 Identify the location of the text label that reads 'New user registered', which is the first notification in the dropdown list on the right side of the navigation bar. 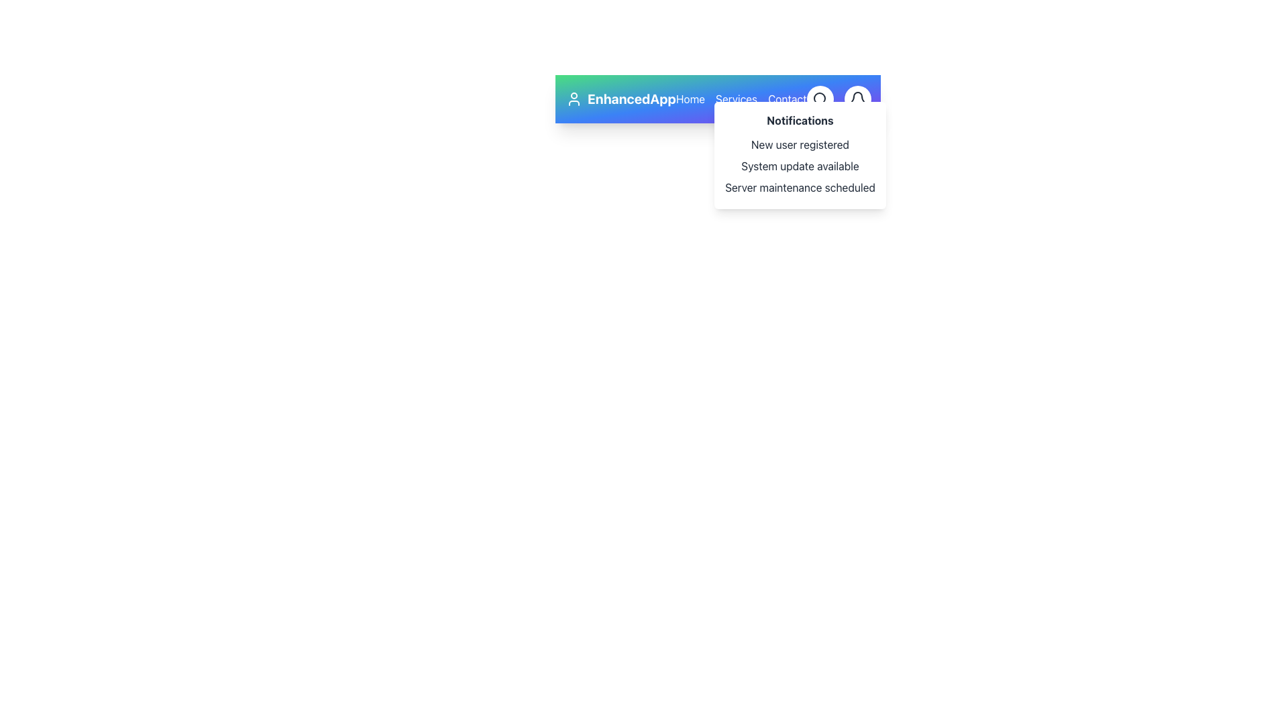
(800, 145).